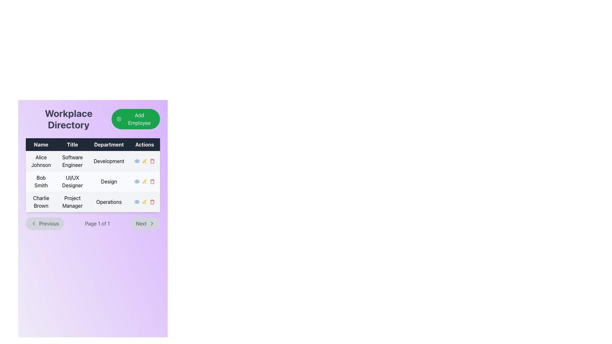 The image size is (612, 344). What do you see at coordinates (92, 202) in the screenshot?
I see `the table row displaying details about 'Charlie Brown', which is the third row in the table, to interact with its elements` at bounding box center [92, 202].